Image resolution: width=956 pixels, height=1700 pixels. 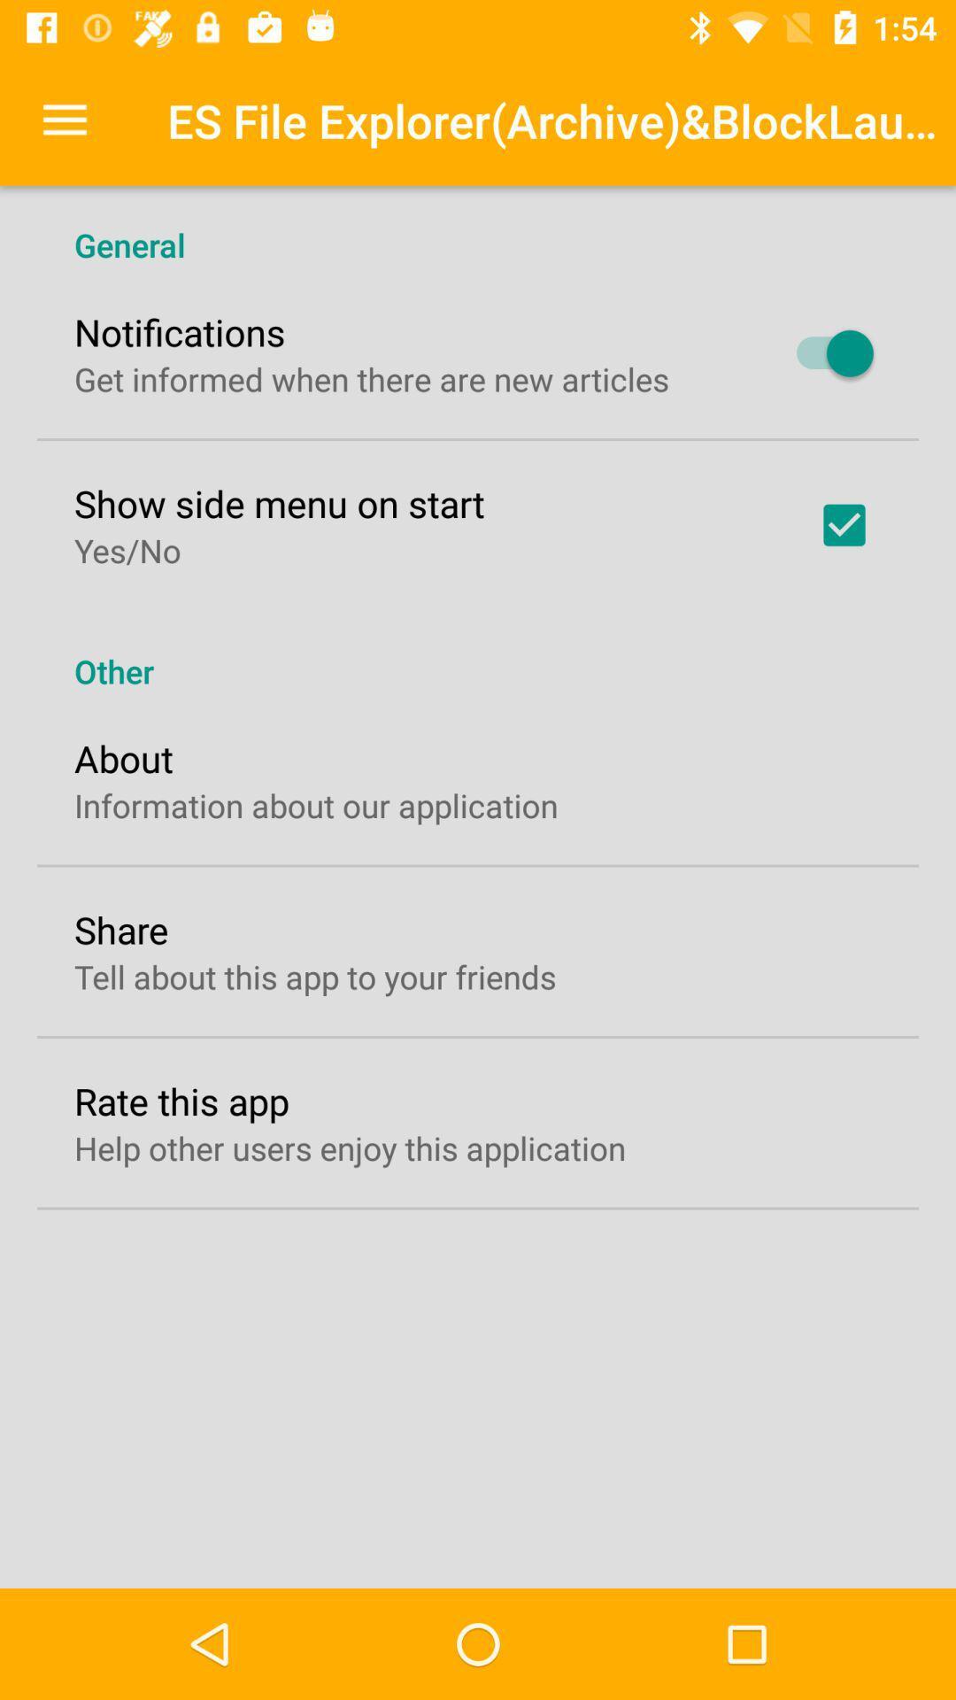 What do you see at coordinates (826, 353) in the screenshot?
I see `item below the general icon` at bounding box center [826, 353].